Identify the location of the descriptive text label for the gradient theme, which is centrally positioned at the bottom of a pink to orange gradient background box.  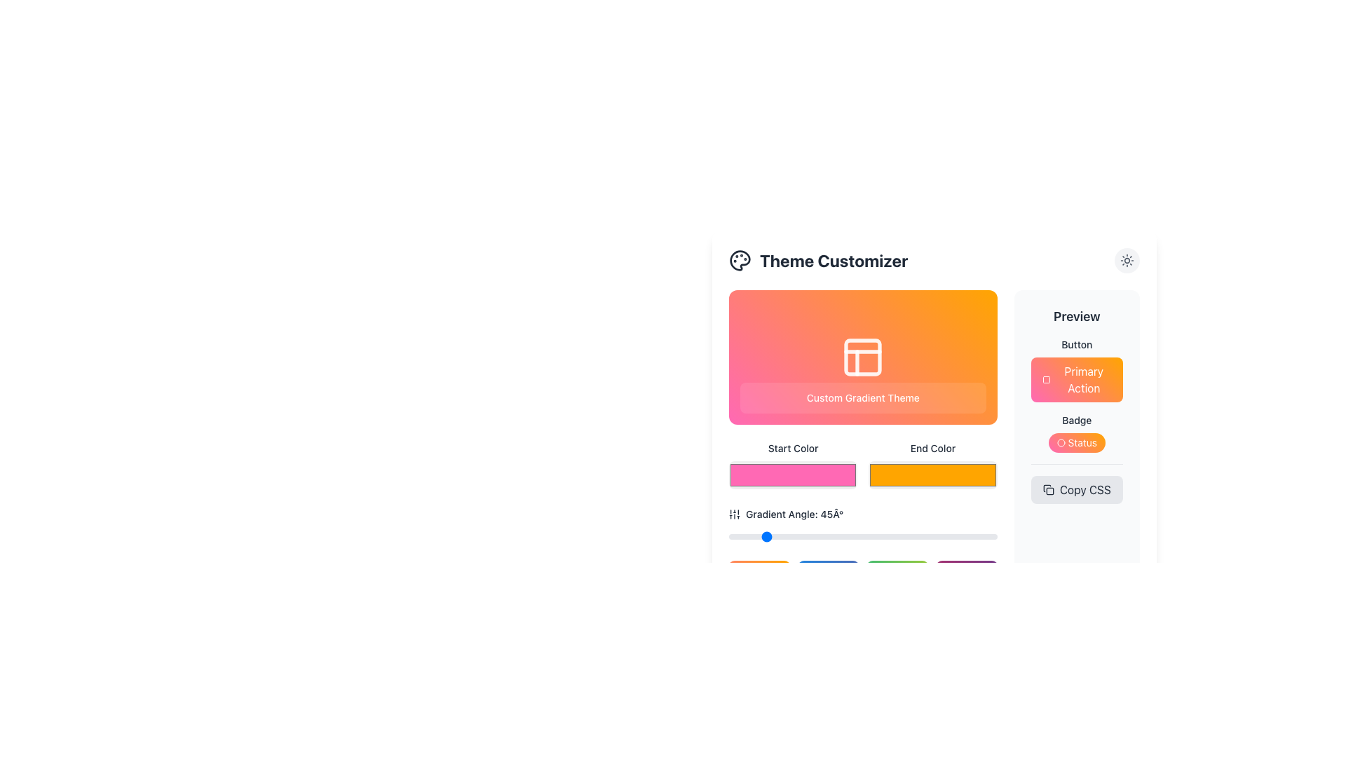
(862, 397).